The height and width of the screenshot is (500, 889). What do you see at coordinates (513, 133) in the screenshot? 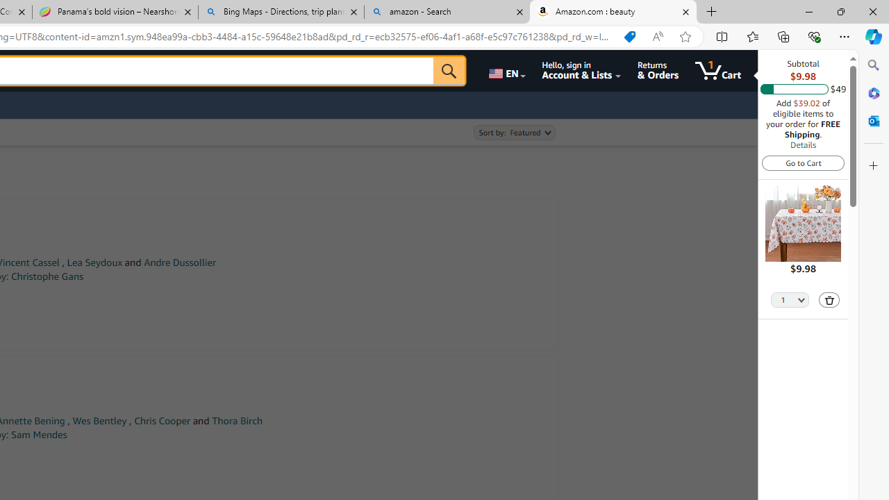
I see `'Sort by:'` at bounding box center [513, 133].